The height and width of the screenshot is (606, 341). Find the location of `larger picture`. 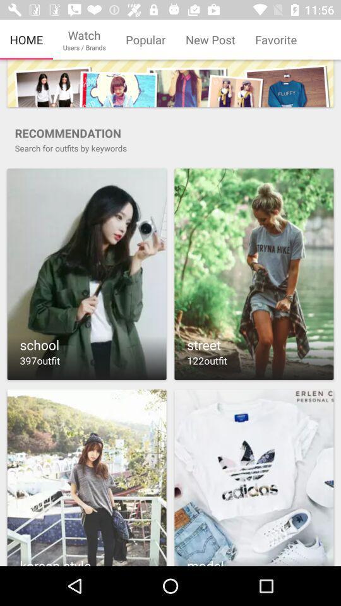

larger picture is located at coordinates (254, 477).